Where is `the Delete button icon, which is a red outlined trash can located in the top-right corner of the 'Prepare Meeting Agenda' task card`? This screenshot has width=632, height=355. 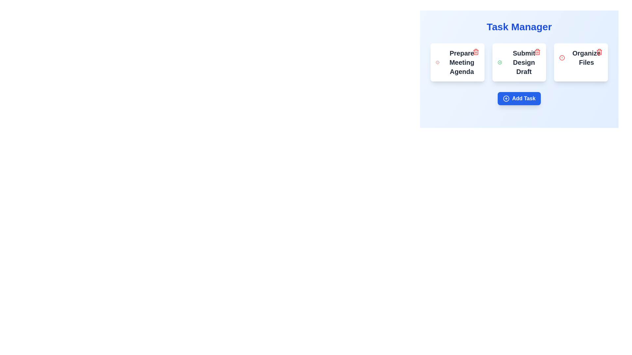 the Delete button icon, which is a red outlined trash can located in the top-right corner of the 'Prepare Meeting Agenda' task card is located at coordinates (476, 52).